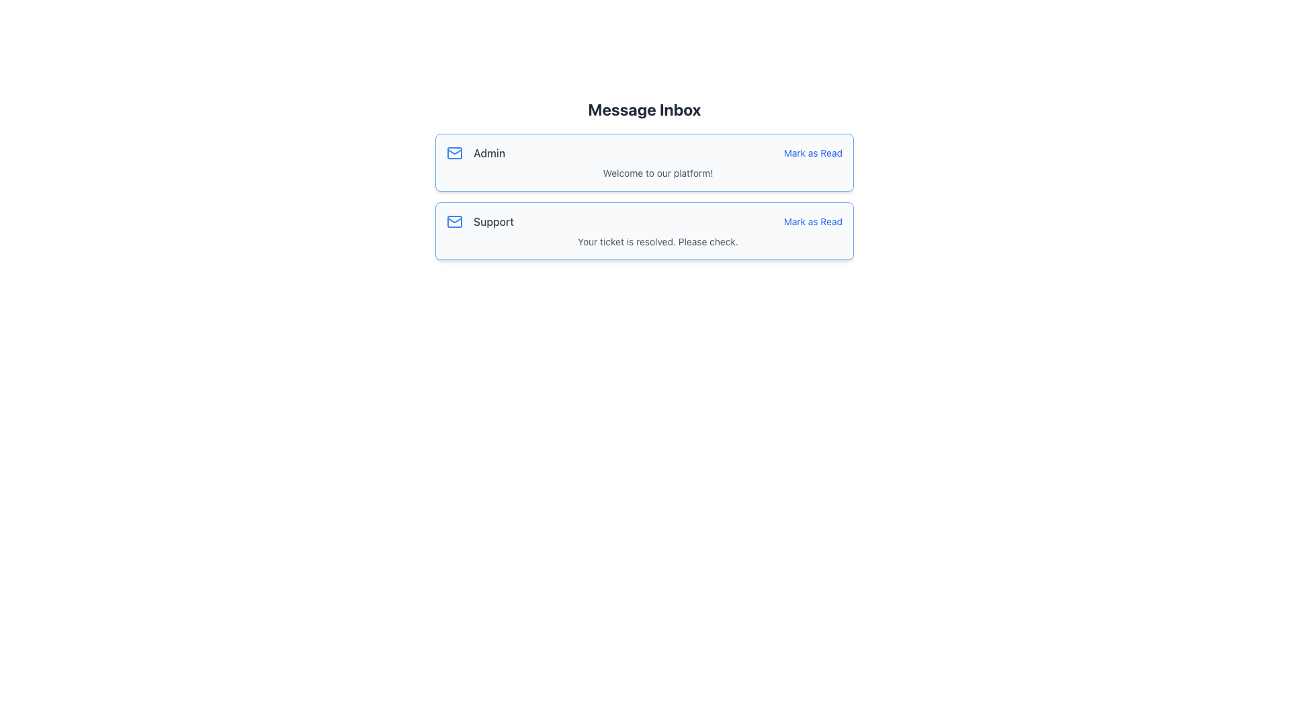 The width and height of the screenshot is (1290, 726). What do you see at coordinates (492, 221) in the screenshot?
I see `the Text Label that identifies the message sender or category, located in the second row of messages, aligned horizontally with the envelope icon and vertically with the 'Mark as Read' link` at bounding box center [492, 221].